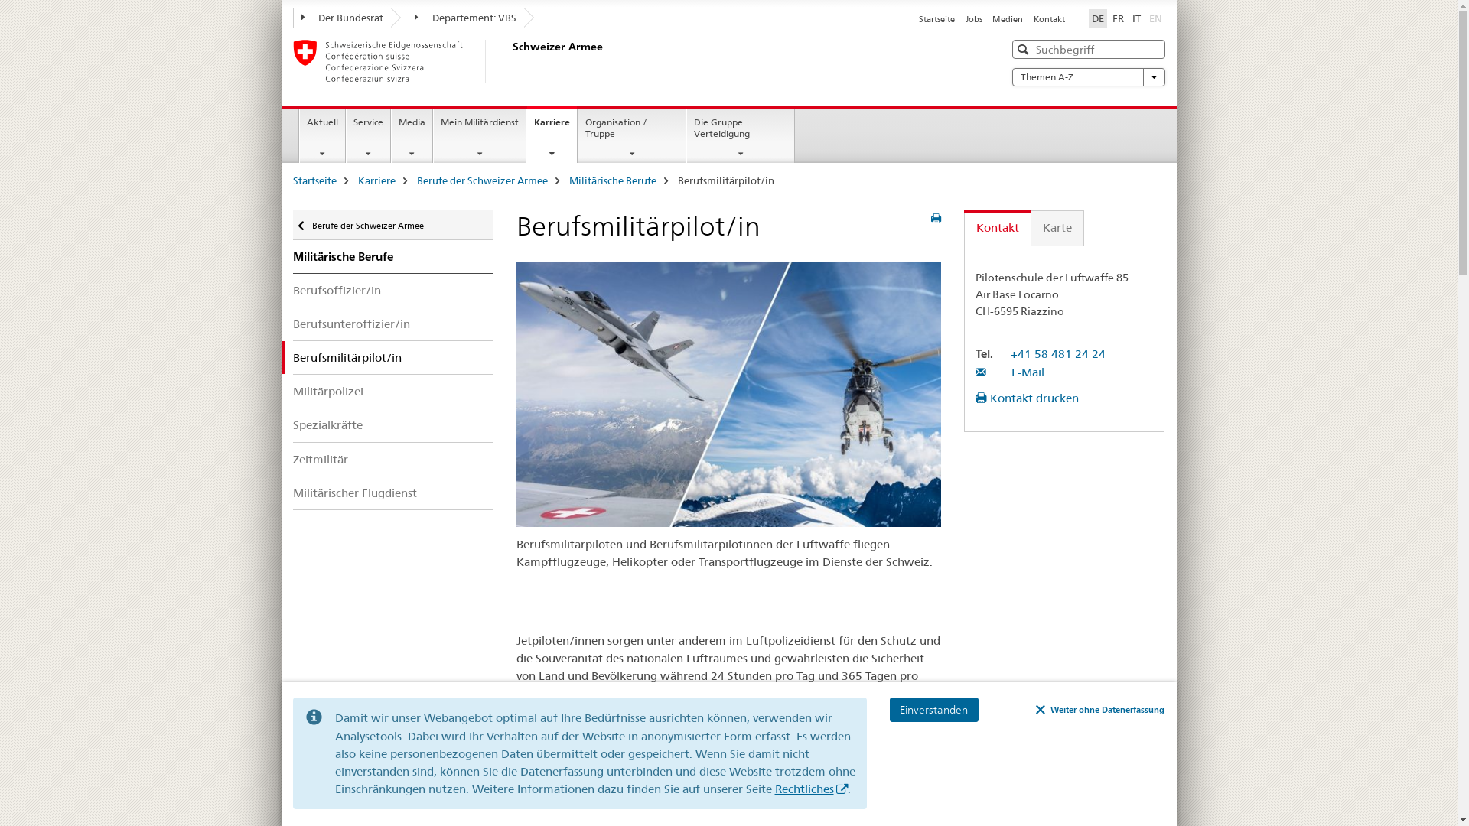 The width and height of the screenshot is (1469, 826). I want to click on 'Jobs', so click(972, 18).